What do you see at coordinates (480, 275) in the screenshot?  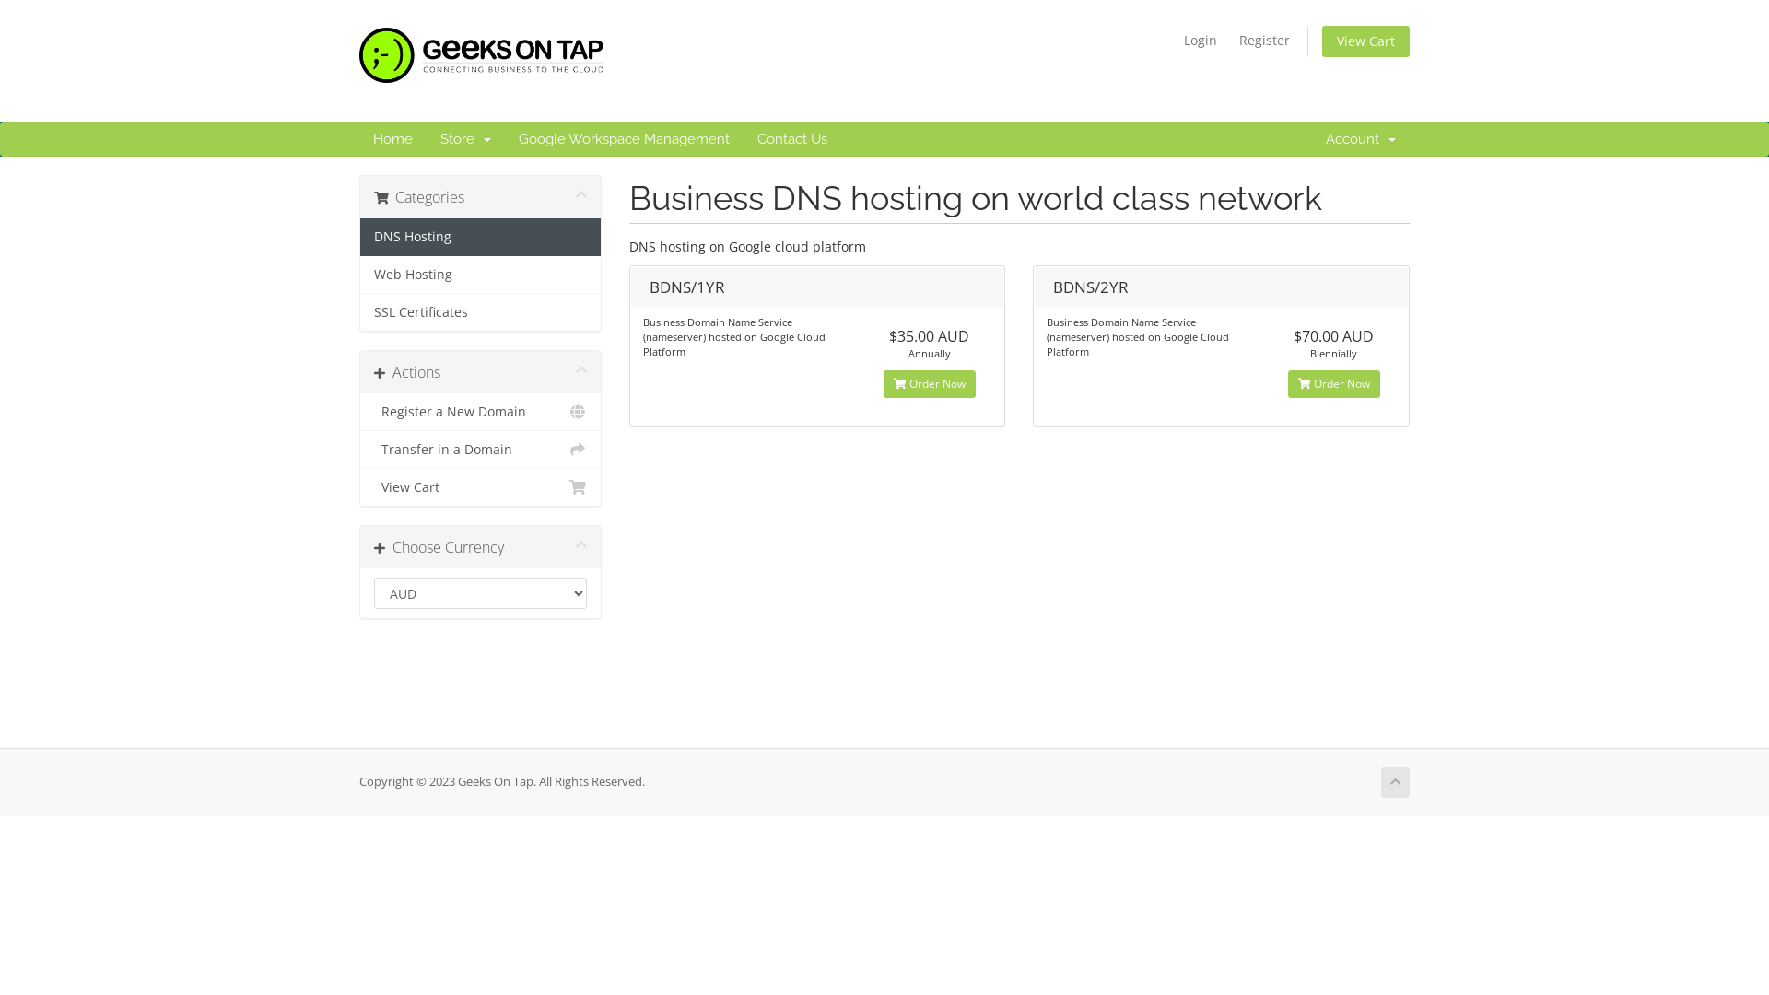 I see `'Web Hosting'` at bounding box center [480, 275].